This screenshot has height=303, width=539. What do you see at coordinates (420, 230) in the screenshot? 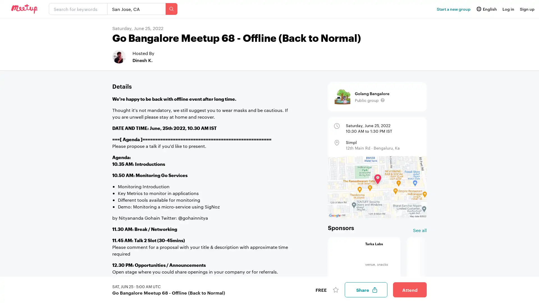
I see `See all` at bounding box center [420, 230].